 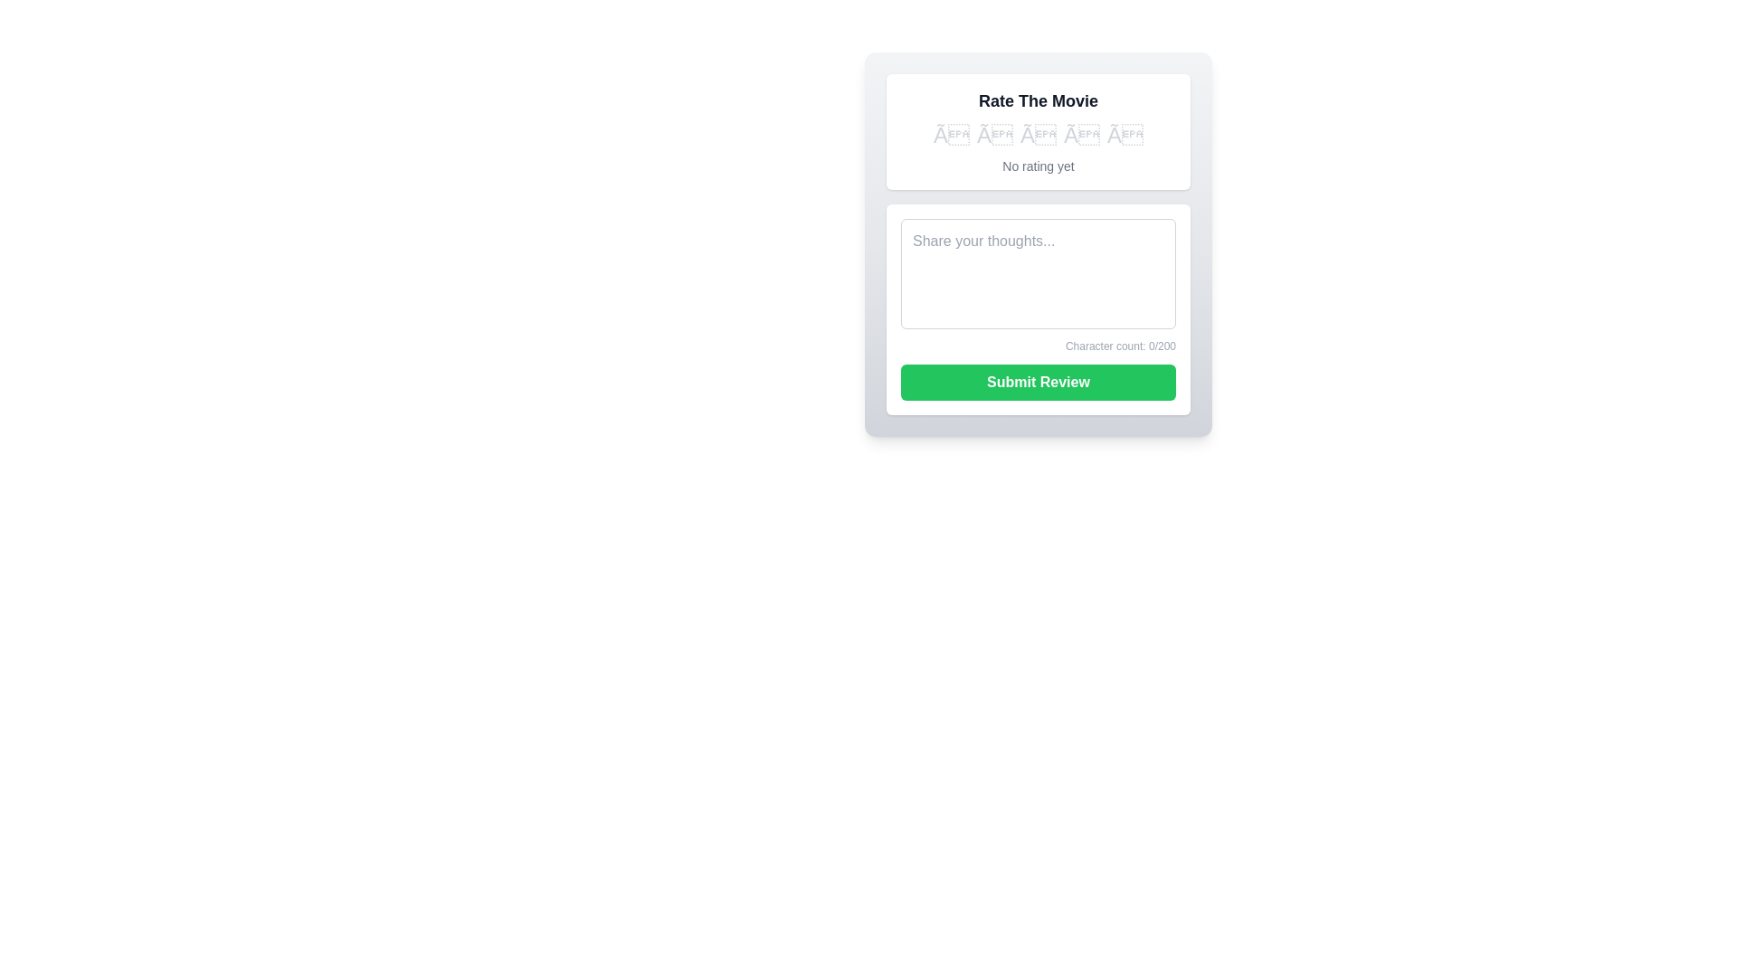 I want to click on the star corresponding to 5 to set the movie rating, so click(x=1124, y=135).